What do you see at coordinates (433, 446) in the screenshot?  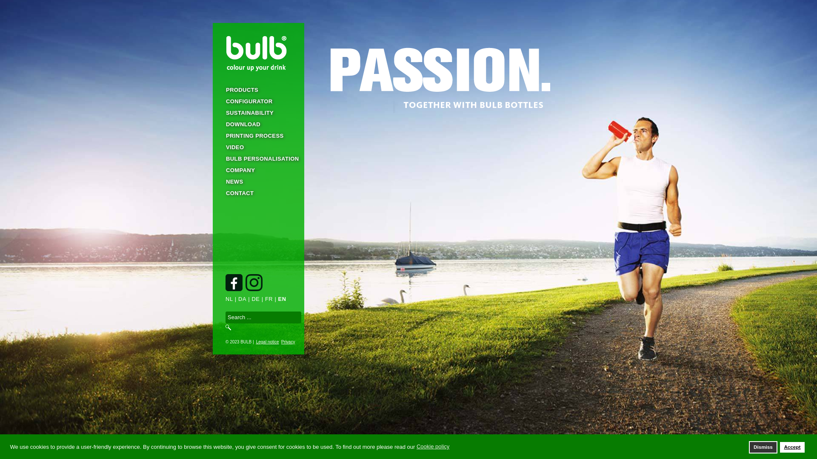 I see `'Cookie policy'` at bounding box center [433, 446].